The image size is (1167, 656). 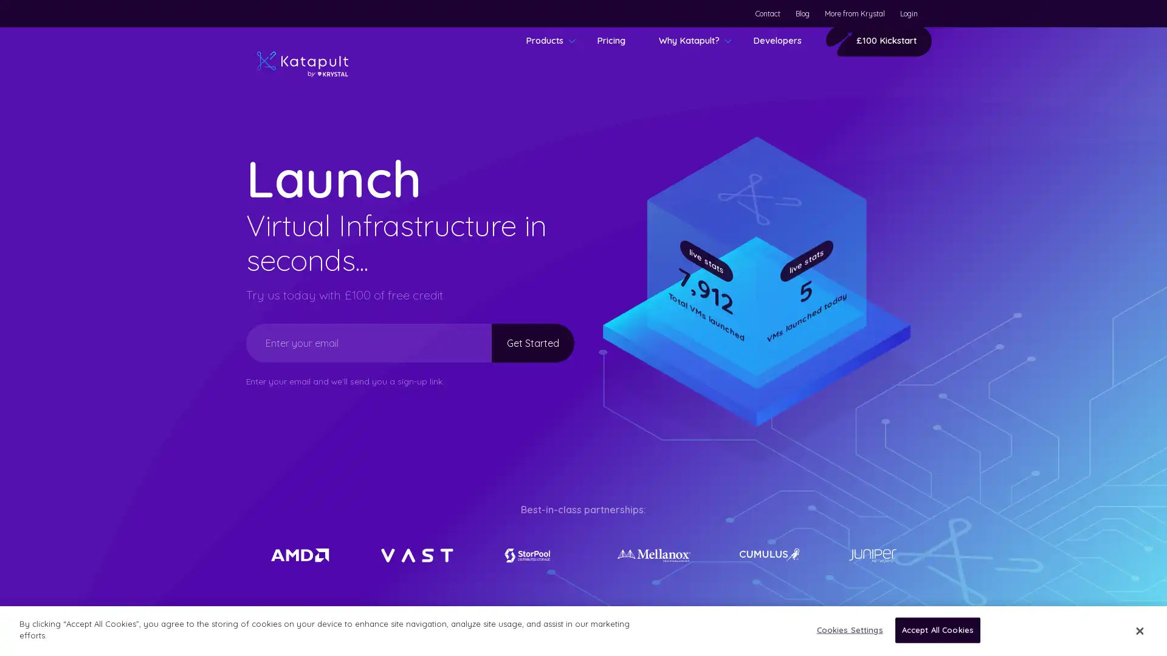 I want to click on Close, so click(x=1138, y=629).